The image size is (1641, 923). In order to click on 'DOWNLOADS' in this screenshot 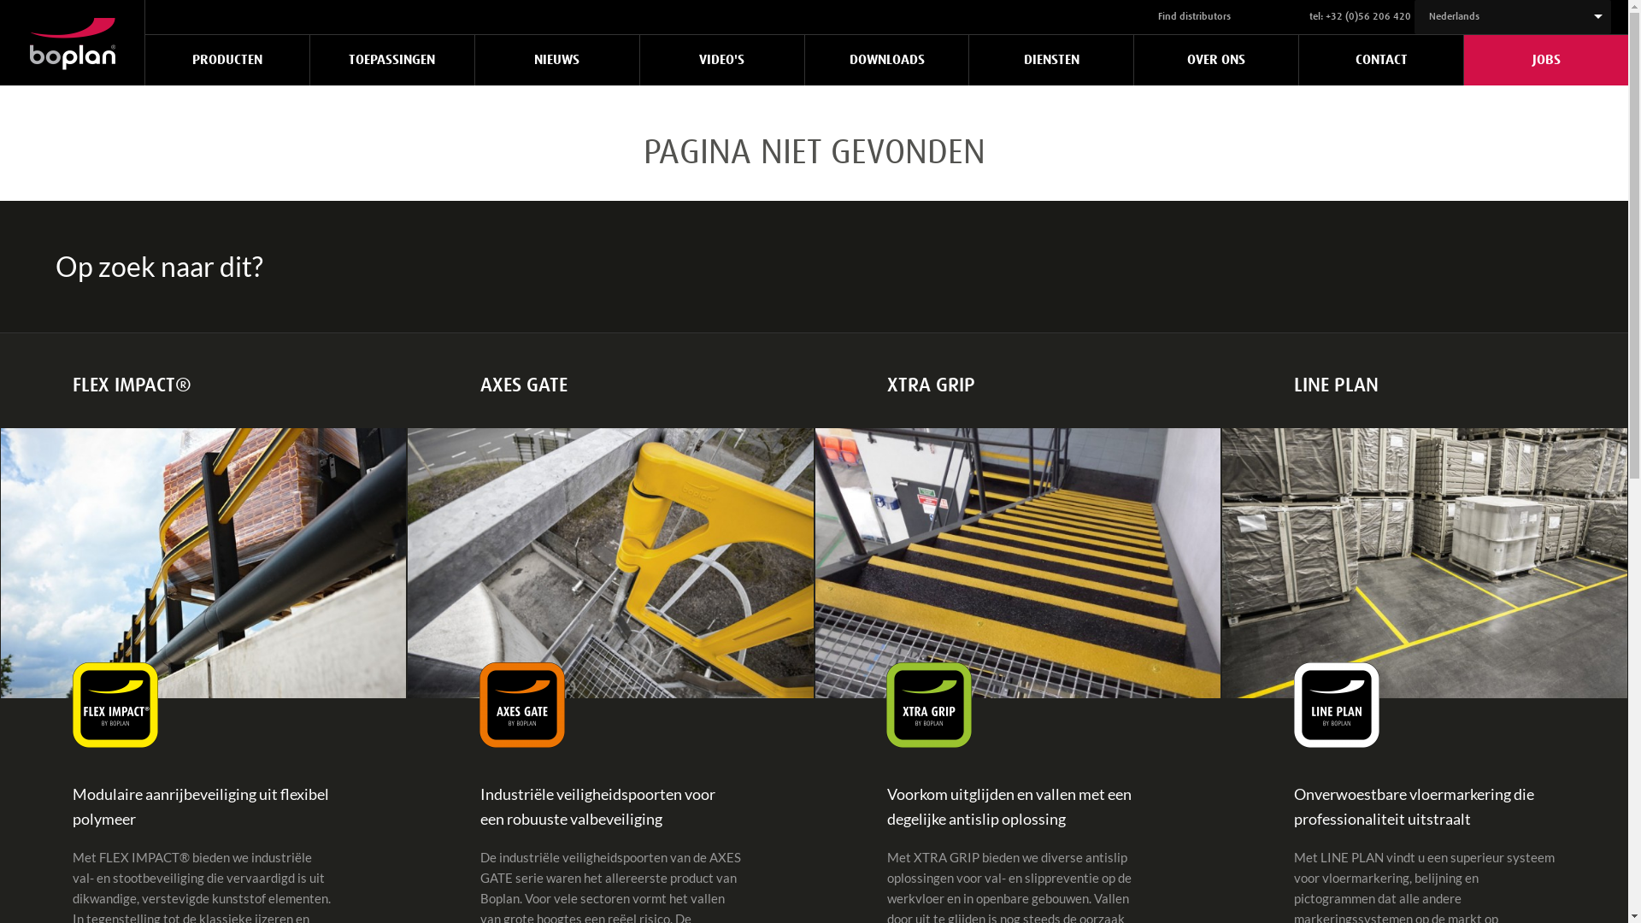, I will do `click(886, 59)`.